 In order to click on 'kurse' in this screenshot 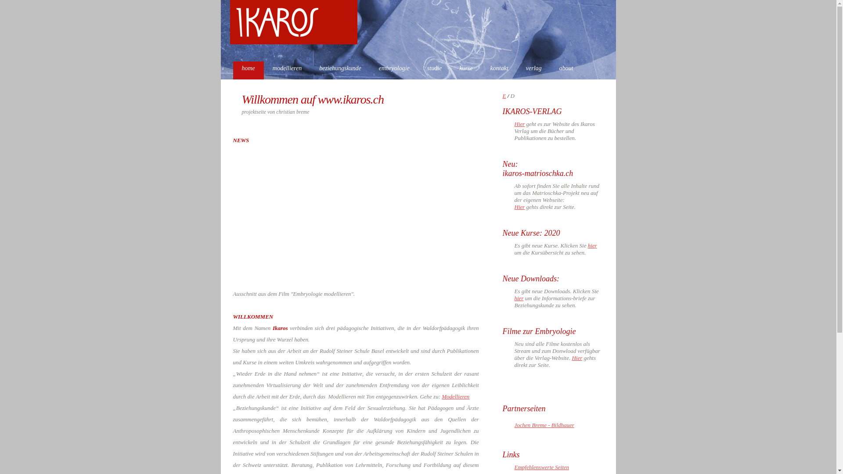, I will do `click(465, 70)`.